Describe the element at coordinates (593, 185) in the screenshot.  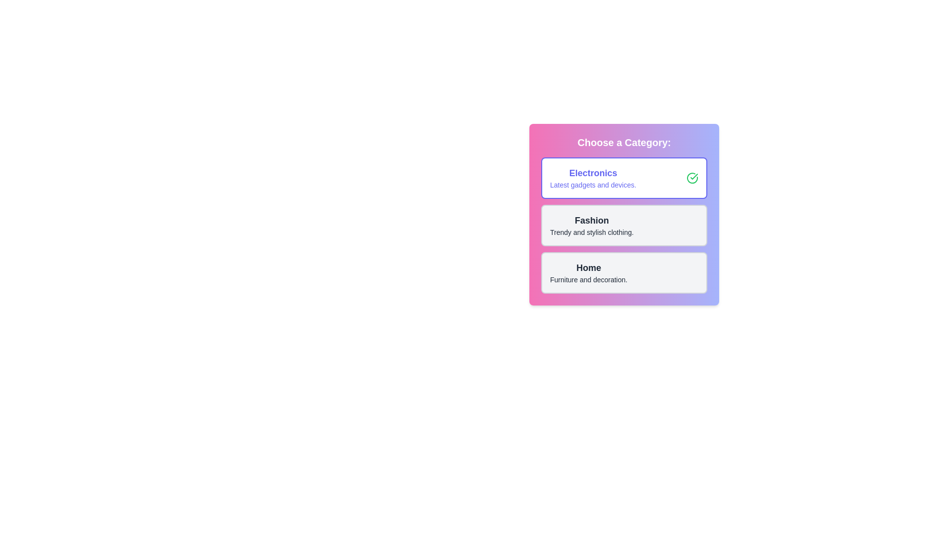
I see `the text label displaying 'Latest gadgets and devices.' located below the 'Electronics' label in the first category section` at that location.